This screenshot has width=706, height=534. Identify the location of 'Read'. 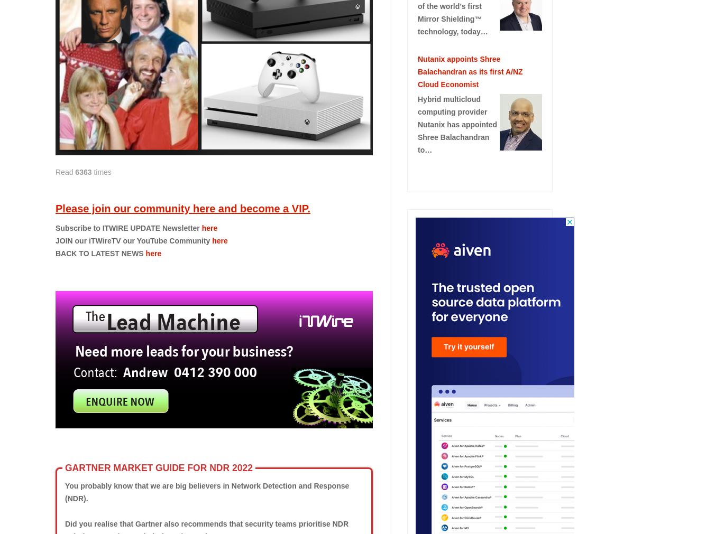
(65, 172).